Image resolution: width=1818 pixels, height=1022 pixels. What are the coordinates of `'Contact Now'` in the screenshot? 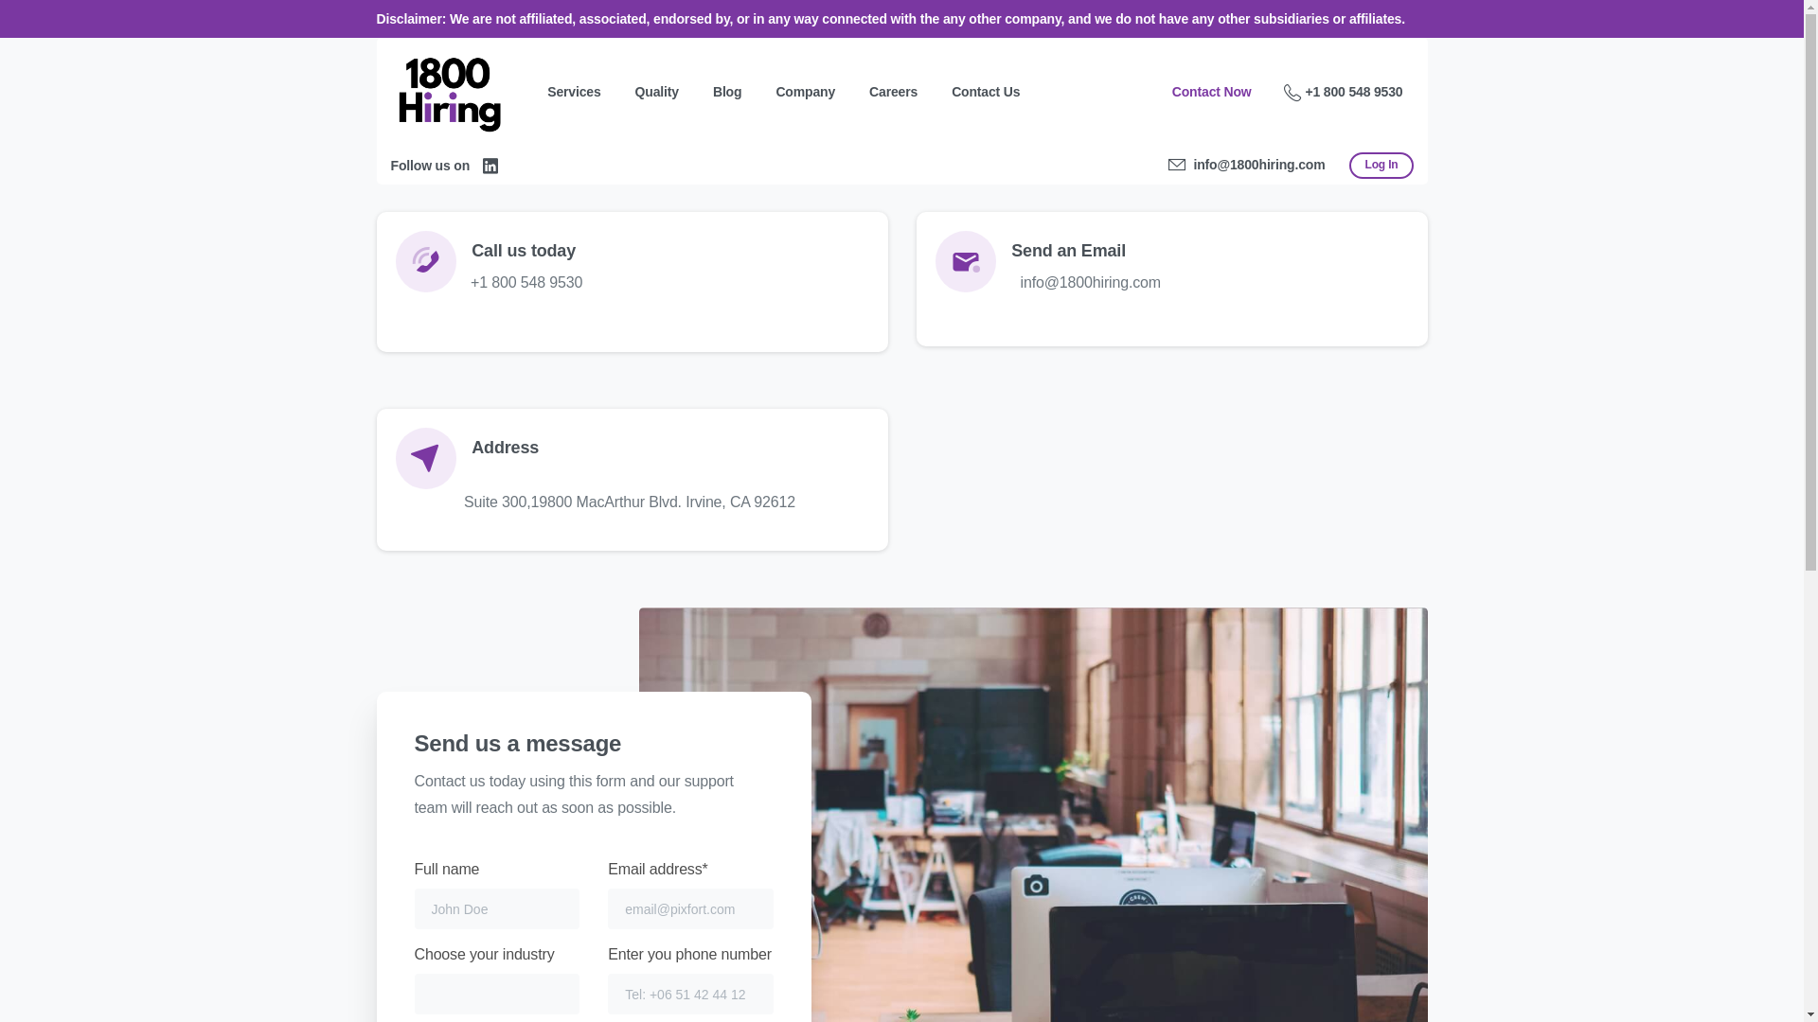 It's located at (1212, 92).